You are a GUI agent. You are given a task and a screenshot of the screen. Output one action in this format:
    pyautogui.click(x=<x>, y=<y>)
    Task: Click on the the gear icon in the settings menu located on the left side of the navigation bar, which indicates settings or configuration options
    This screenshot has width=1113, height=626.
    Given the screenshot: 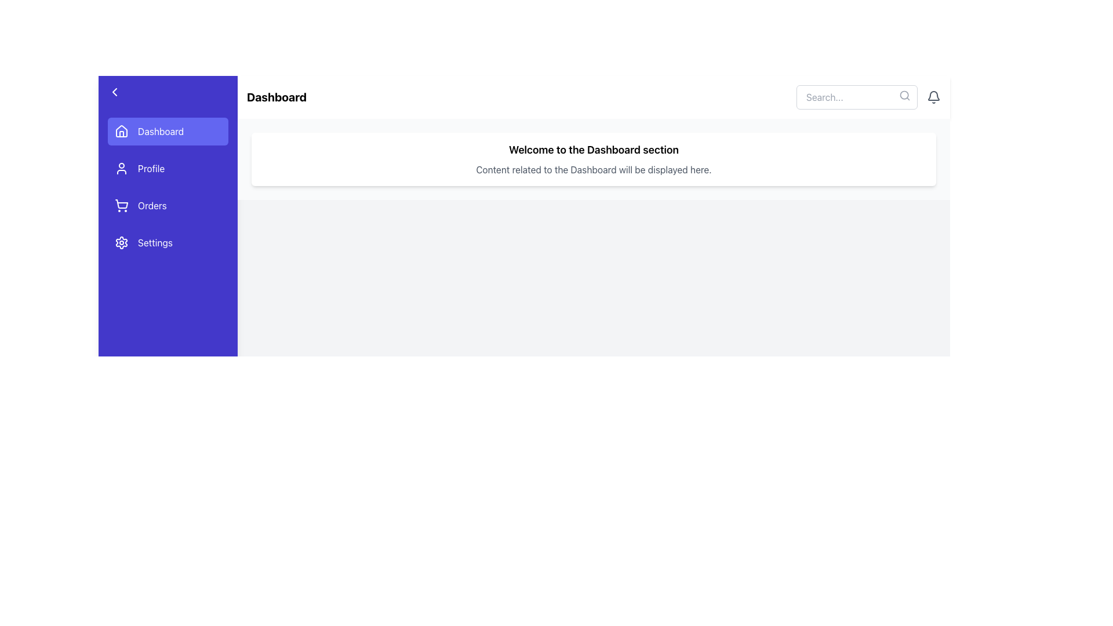 What is the action you would take?
    pyautogui.click(x=122, y=242)
    